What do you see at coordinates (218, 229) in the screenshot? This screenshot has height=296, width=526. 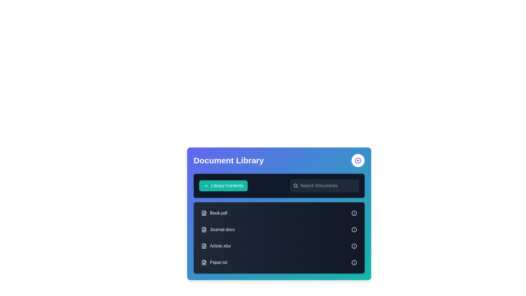 I see `to select the file labeled 'Journal.docx' which is the second entry in the vertical list of files, positioned between 'Book.pdf' and 'Article.xlsx'` at bounding box center [218, 229].